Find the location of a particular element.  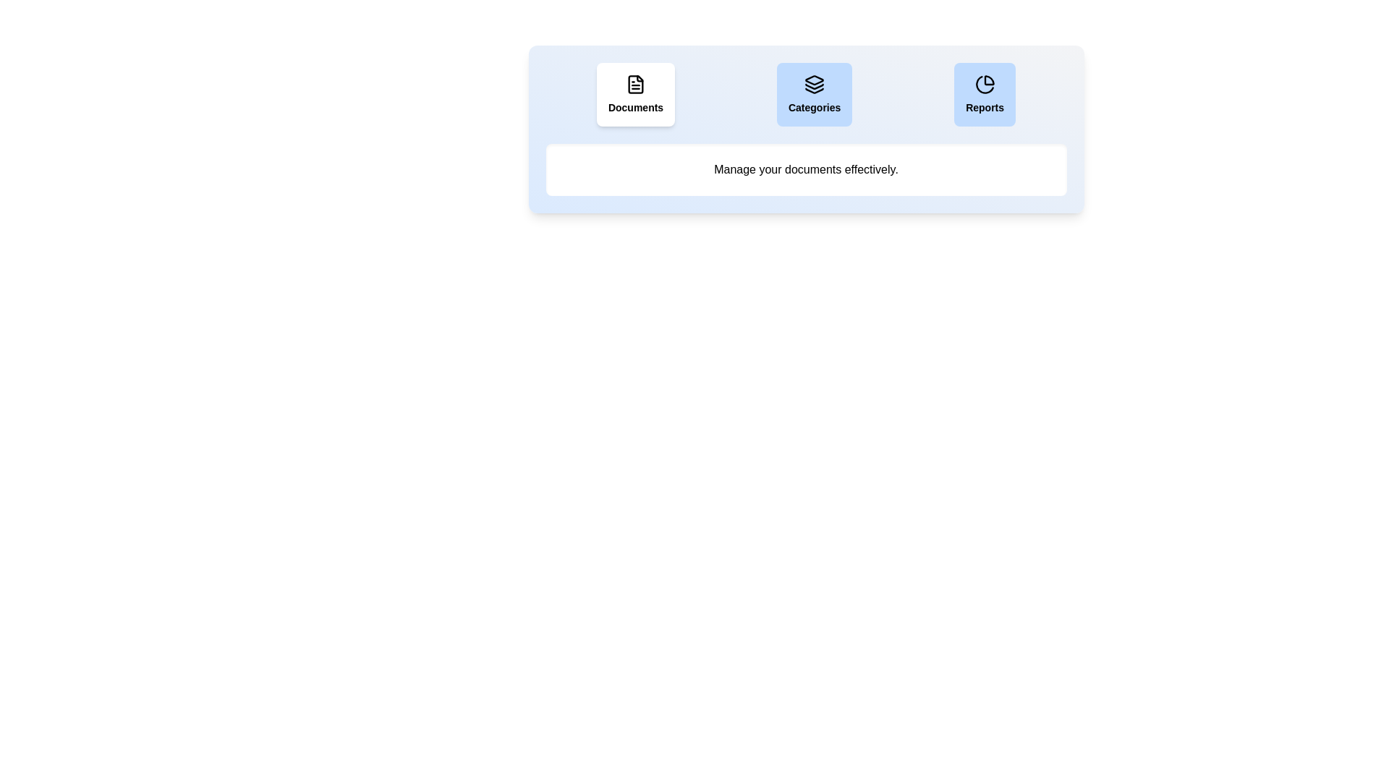

the Reports tab by clicking its button is located at coordinates (984, 95).